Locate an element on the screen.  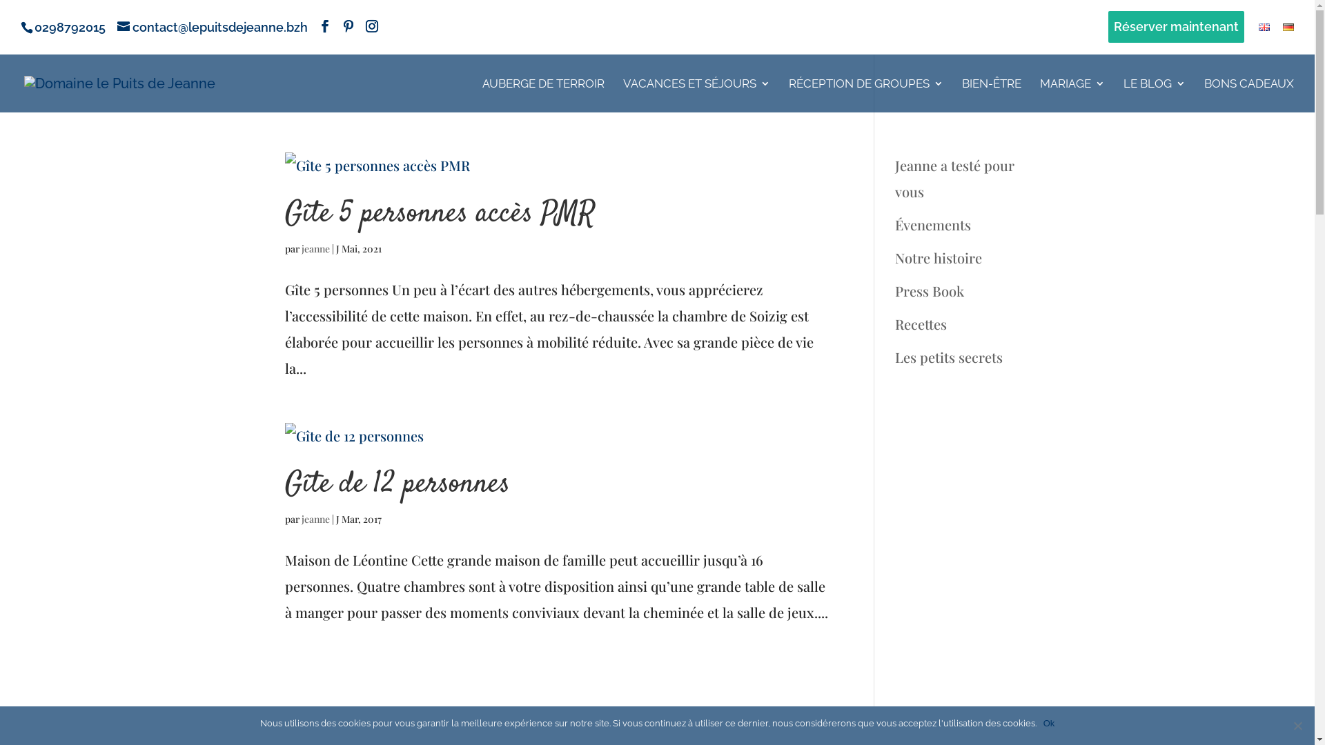
'Notre histoire' is located at coordinates (938, 257).